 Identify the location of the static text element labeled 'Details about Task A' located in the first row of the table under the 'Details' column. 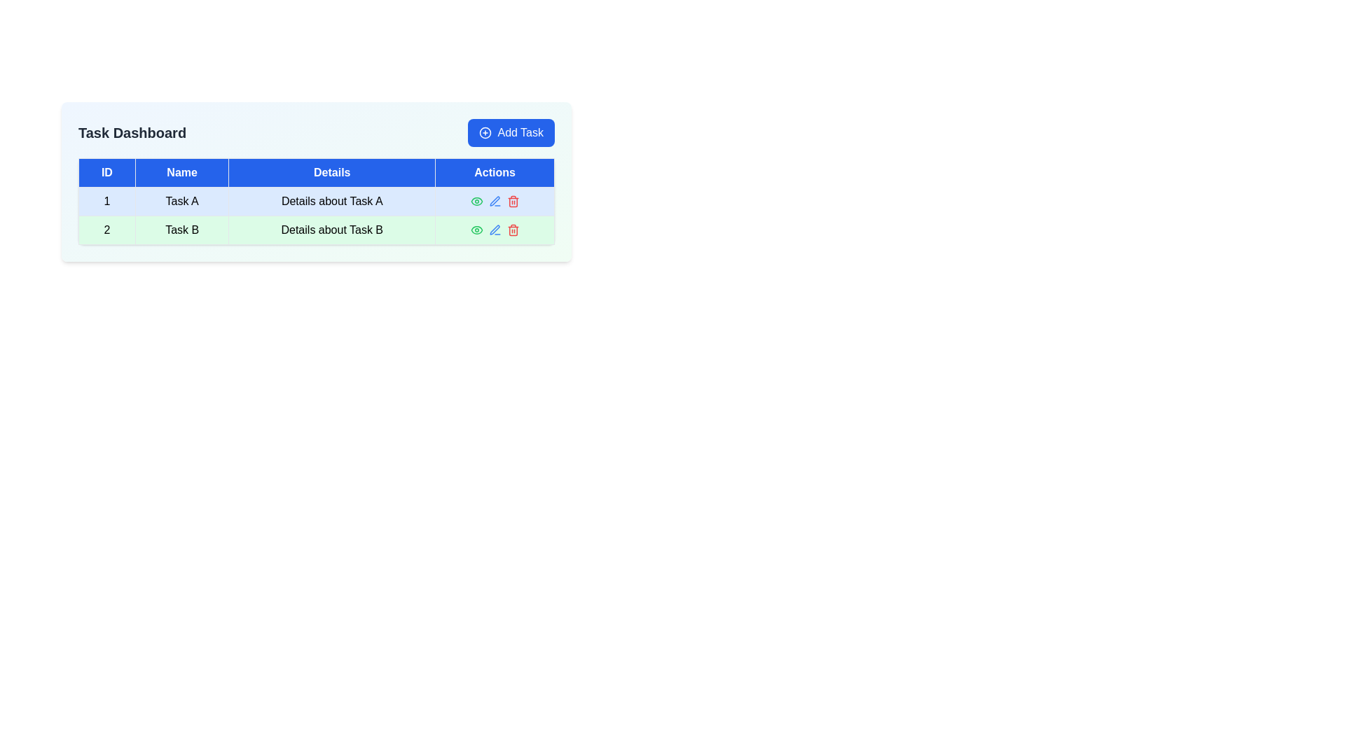
(331, 202).